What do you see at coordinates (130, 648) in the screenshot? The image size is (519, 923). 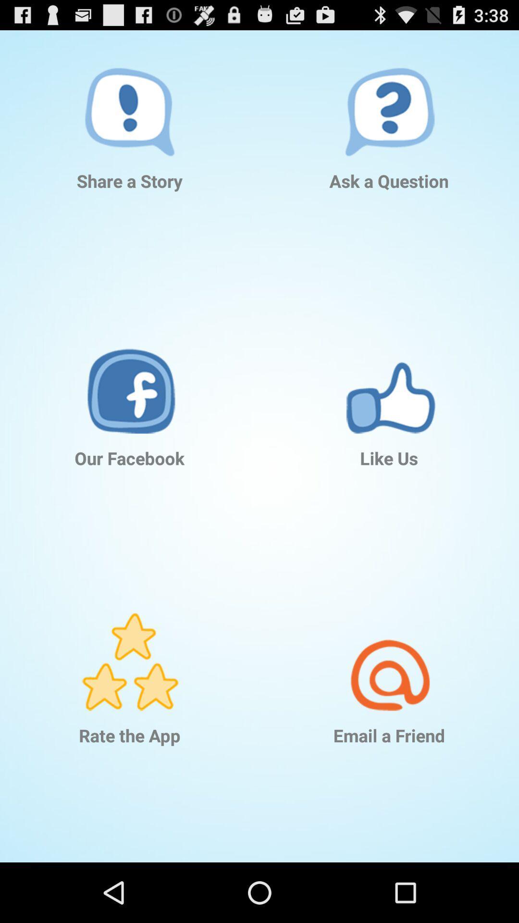 I see `item below our facebook item` at bounding box center [130, 648].